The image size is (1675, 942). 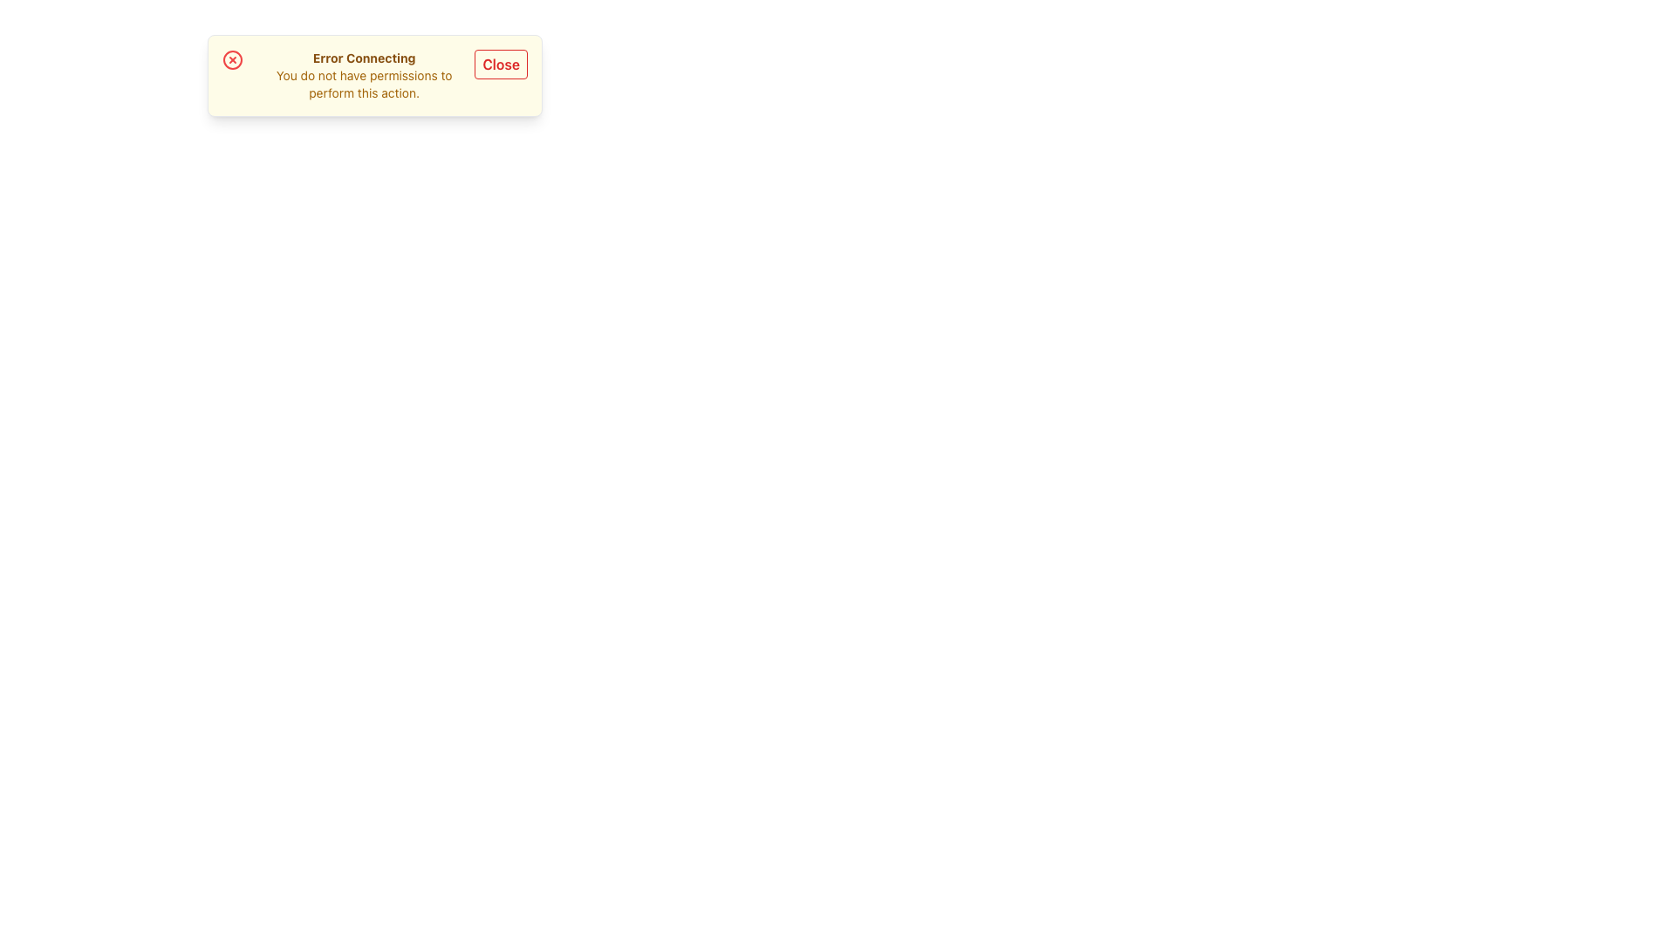 I want to click on the close button located at the top-right corner of the notification box, so click(x=500, y=63).